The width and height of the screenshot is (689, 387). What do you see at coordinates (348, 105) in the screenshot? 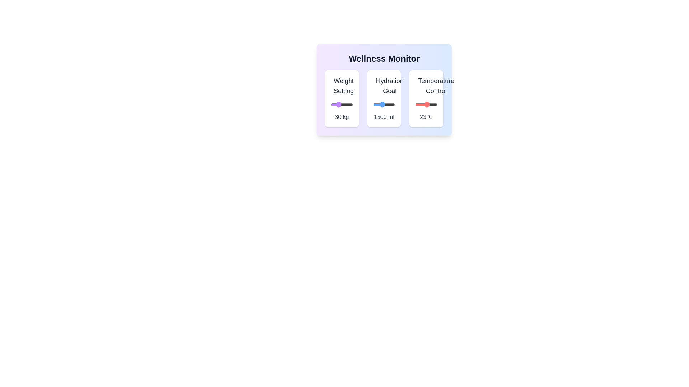
I see `the weight setting` at bounding box center [348, 105].